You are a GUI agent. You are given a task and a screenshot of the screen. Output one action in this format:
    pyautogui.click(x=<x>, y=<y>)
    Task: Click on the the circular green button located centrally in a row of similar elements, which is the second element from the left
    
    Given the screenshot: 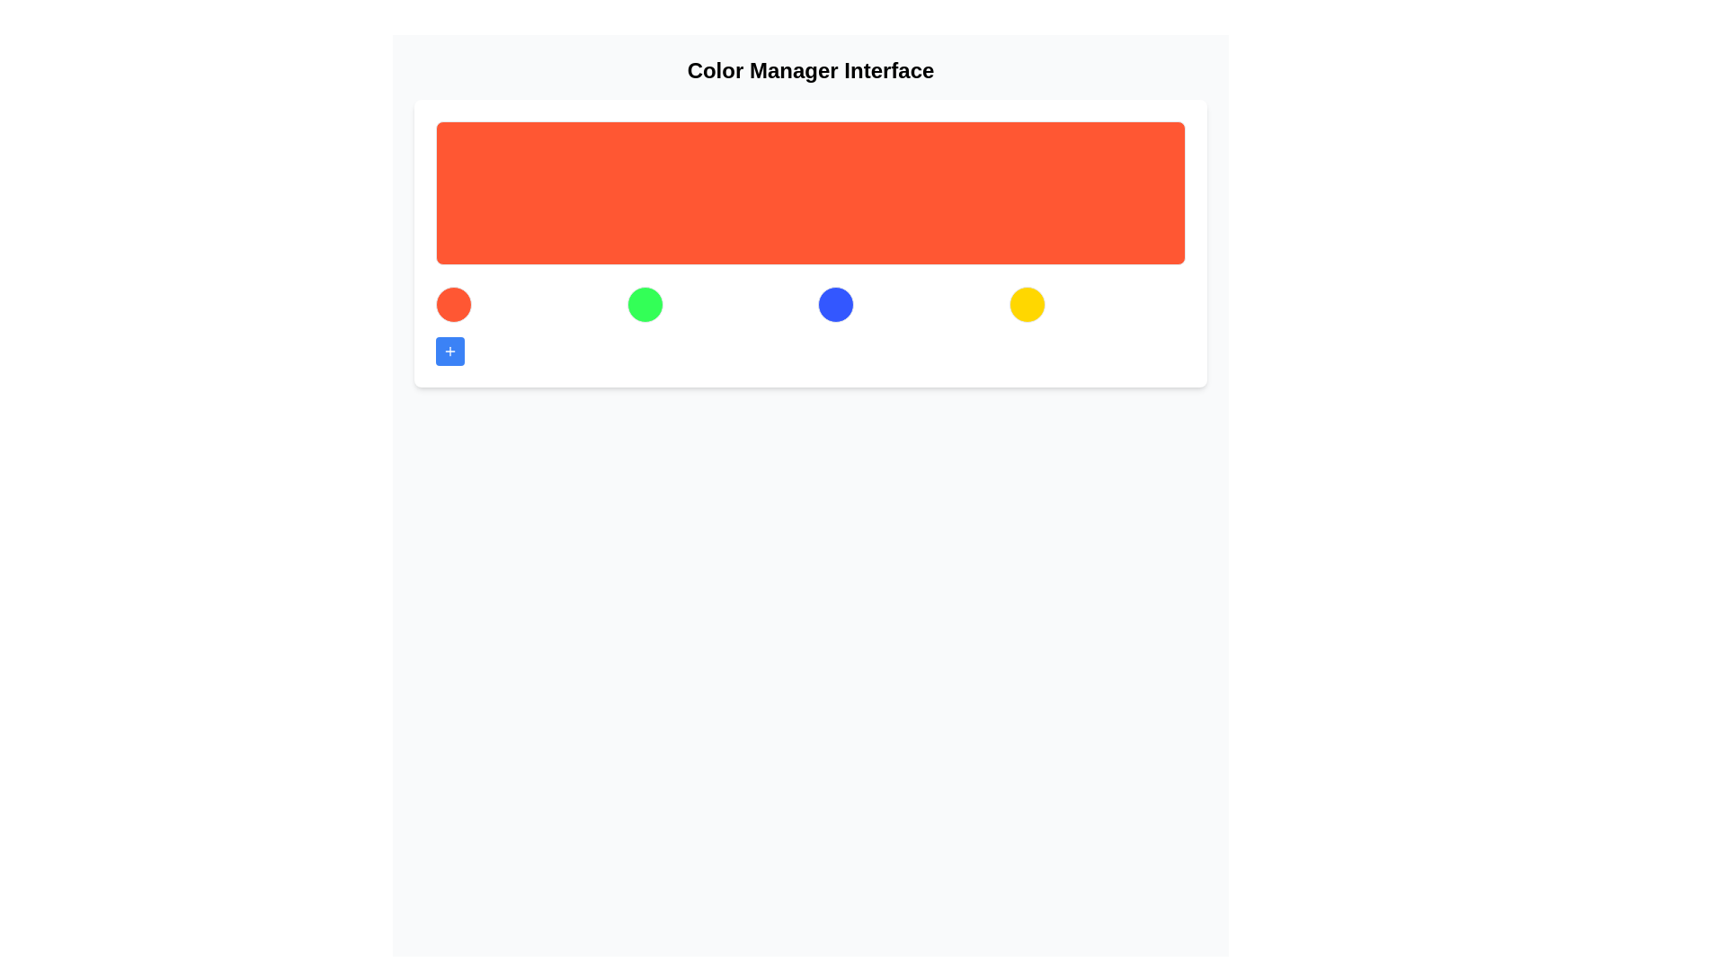 What is the action you would take?
    pyautogui.click(x=645, y=304)
    